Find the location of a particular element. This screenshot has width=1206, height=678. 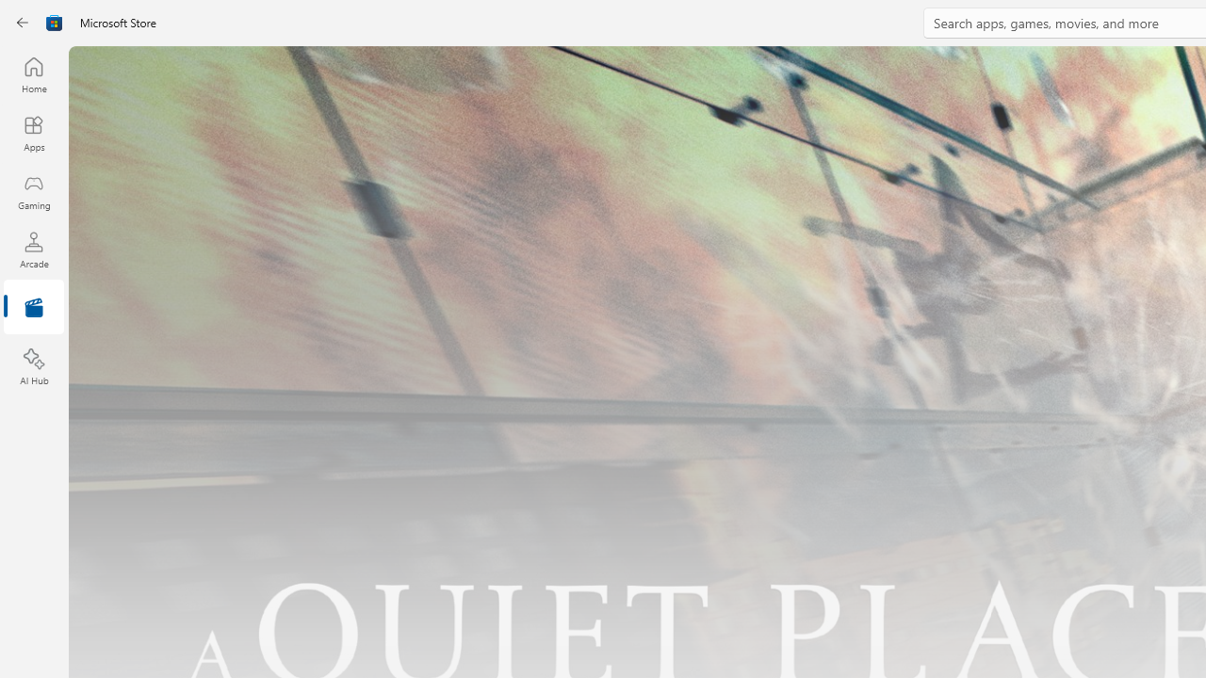

'Entertainment' is located at coordinates (33, 307).